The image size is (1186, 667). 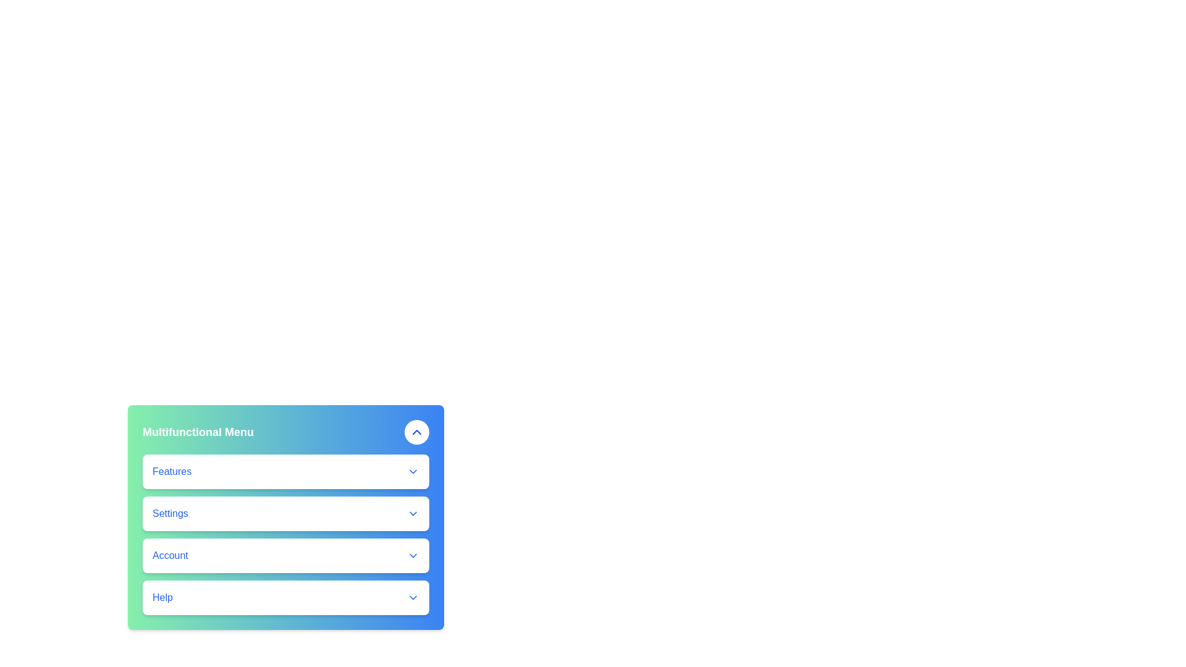 I want to click on the 'Help' button, the last item in the vertical list of menu buttons, to observe any potential hover effects, so click(x=285, y=597).